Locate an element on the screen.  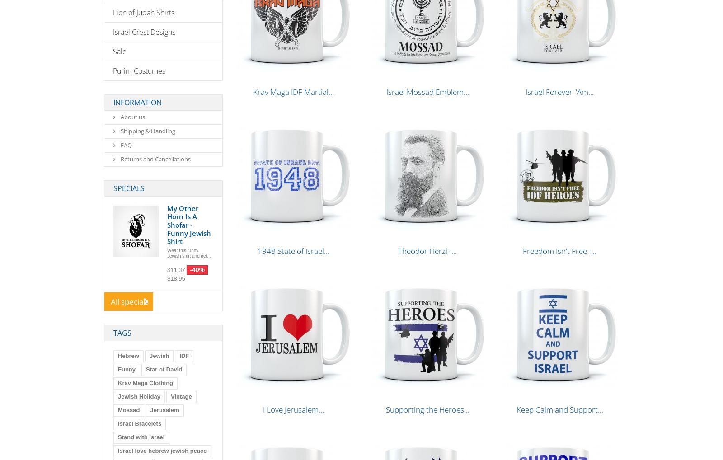
'Keep Calm and Support...' is located at coordinates (559, 409).